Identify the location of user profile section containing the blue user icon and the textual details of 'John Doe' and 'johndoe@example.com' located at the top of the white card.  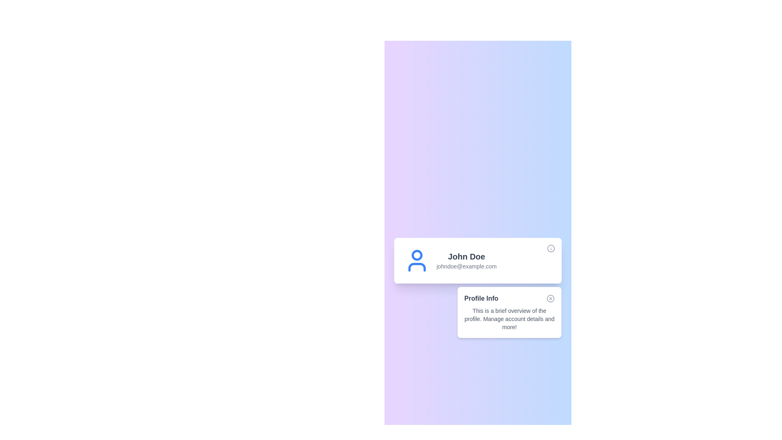
(478, 261).